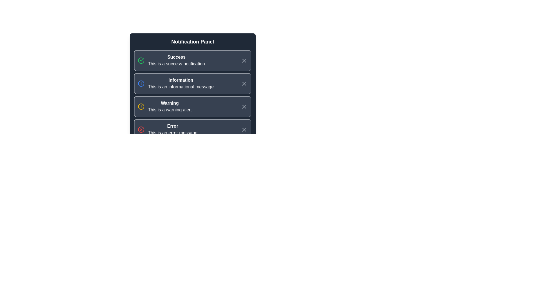 This screenshot has height=303, width=540. I want to click on the Notification block that displays a title and a detailed message, which is located second from the top in the Notification Panel, below the 'Success' notification and above the 'Warning' notification, so click(175, 83).